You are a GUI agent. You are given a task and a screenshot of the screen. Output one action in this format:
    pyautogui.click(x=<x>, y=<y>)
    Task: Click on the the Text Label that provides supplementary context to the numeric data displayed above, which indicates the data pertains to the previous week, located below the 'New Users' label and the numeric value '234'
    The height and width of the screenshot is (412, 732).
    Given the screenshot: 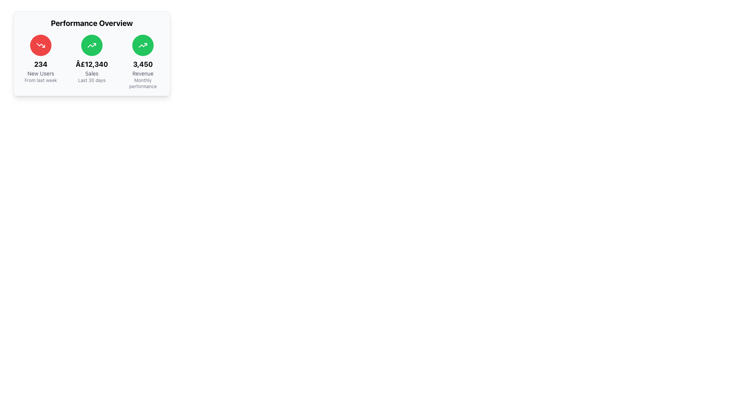 What is the action you would take?
    pyautogui.click(x=40, y=80)
    